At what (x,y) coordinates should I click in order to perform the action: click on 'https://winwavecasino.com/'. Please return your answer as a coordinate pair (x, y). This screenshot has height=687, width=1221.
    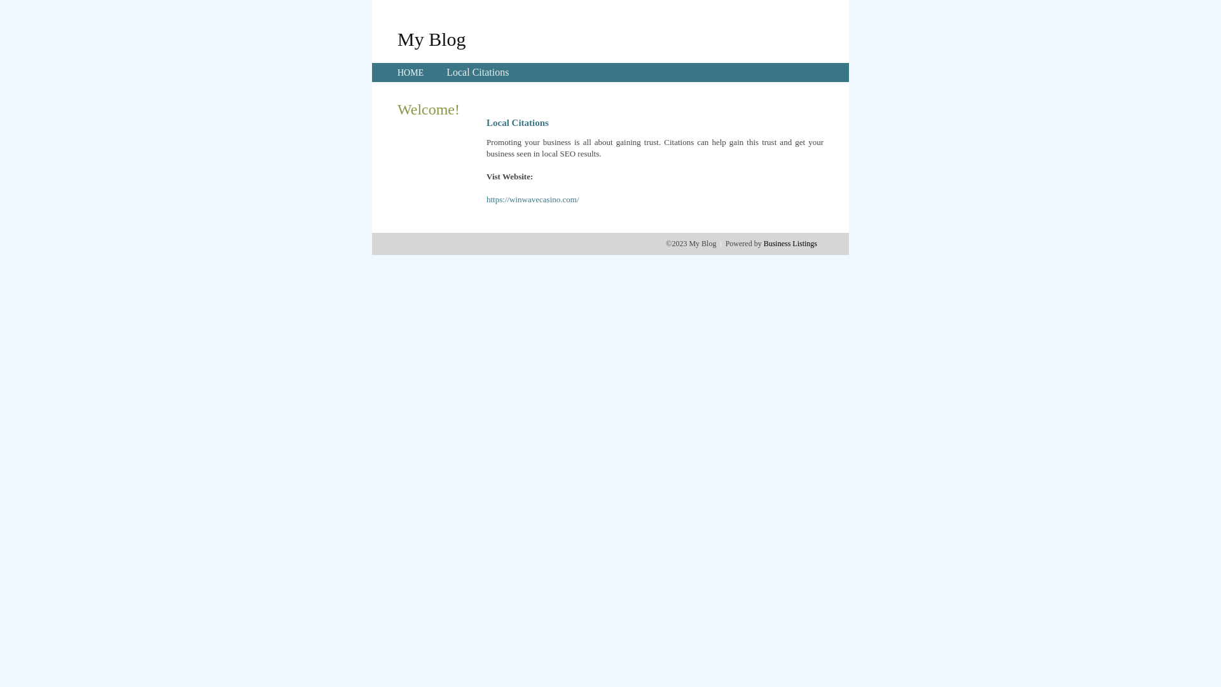
    Looking at the image, I should click on (533, 199).